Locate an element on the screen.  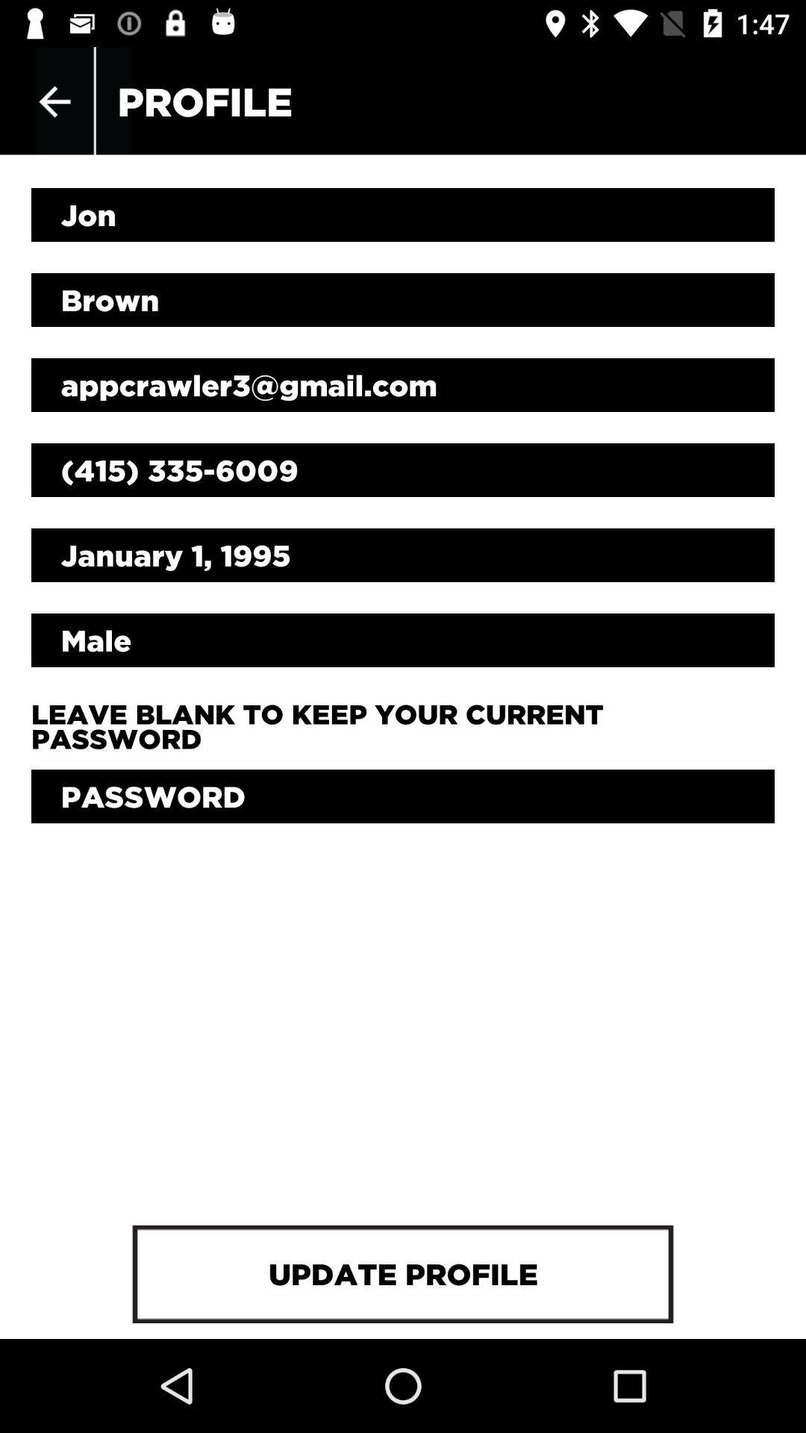
the item above january 1, 1995 item is located at coordinates (403, 469).